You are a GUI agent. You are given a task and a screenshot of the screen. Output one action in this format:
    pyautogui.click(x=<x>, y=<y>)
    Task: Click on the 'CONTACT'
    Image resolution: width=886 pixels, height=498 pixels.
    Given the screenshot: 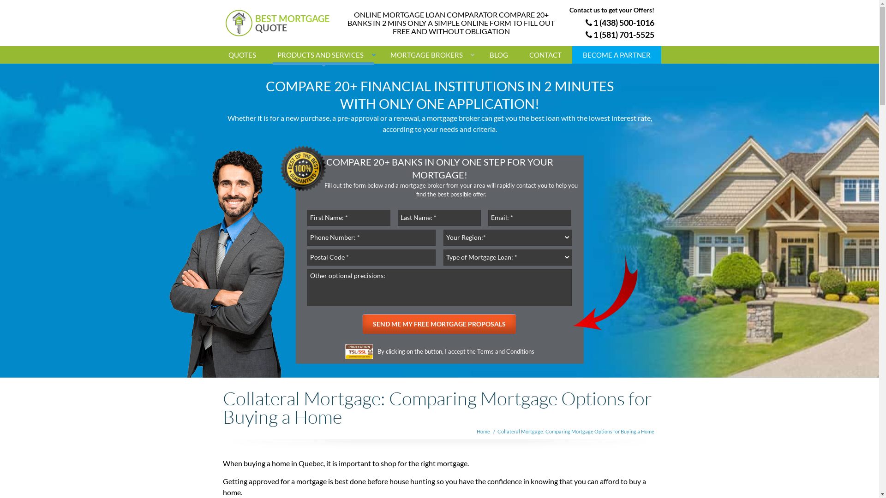 What is the action you would take?
    pyautogui.click(x=545, y=55)
    